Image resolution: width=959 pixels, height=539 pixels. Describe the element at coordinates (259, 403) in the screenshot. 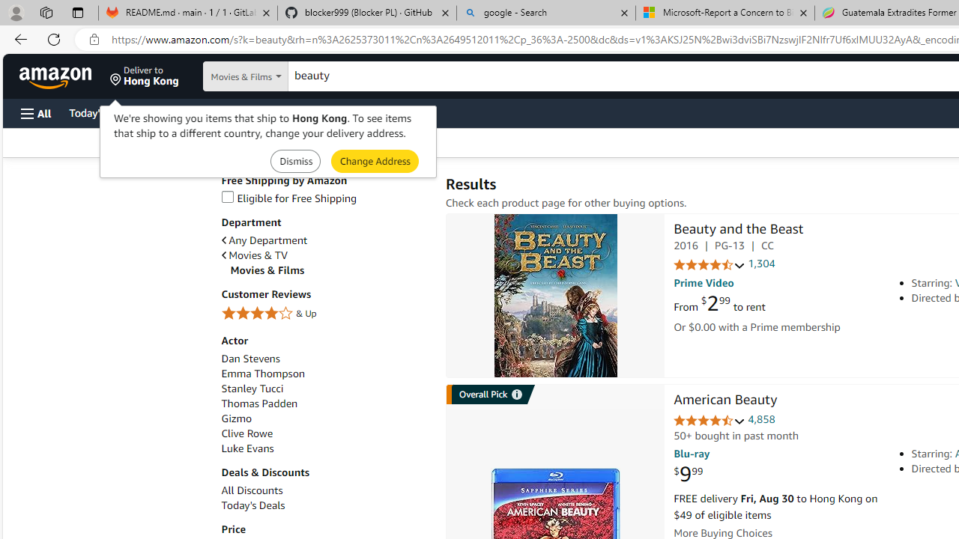

I see `'Thomas Padden'` at that location.